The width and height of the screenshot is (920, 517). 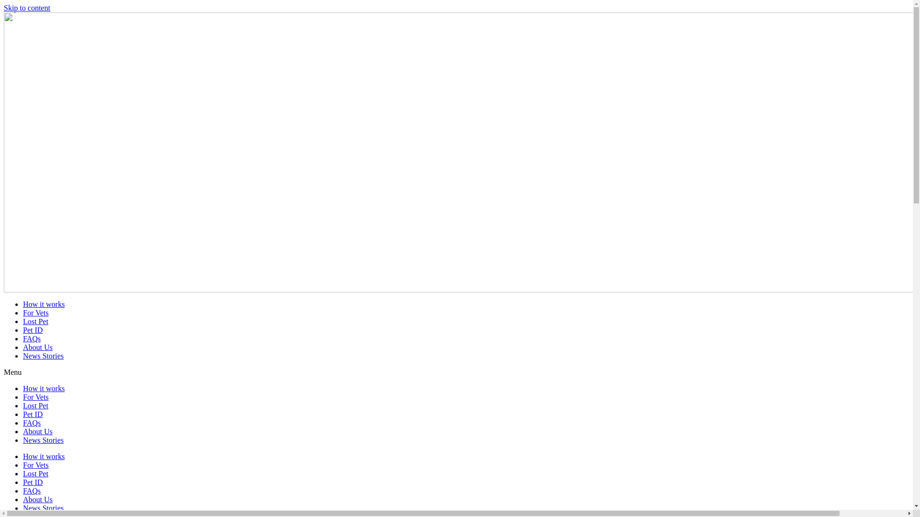 What do you see at coordinates (33, 329) in the screenshot?
I see `'Pet ID'` at bounding box center [33, 329].